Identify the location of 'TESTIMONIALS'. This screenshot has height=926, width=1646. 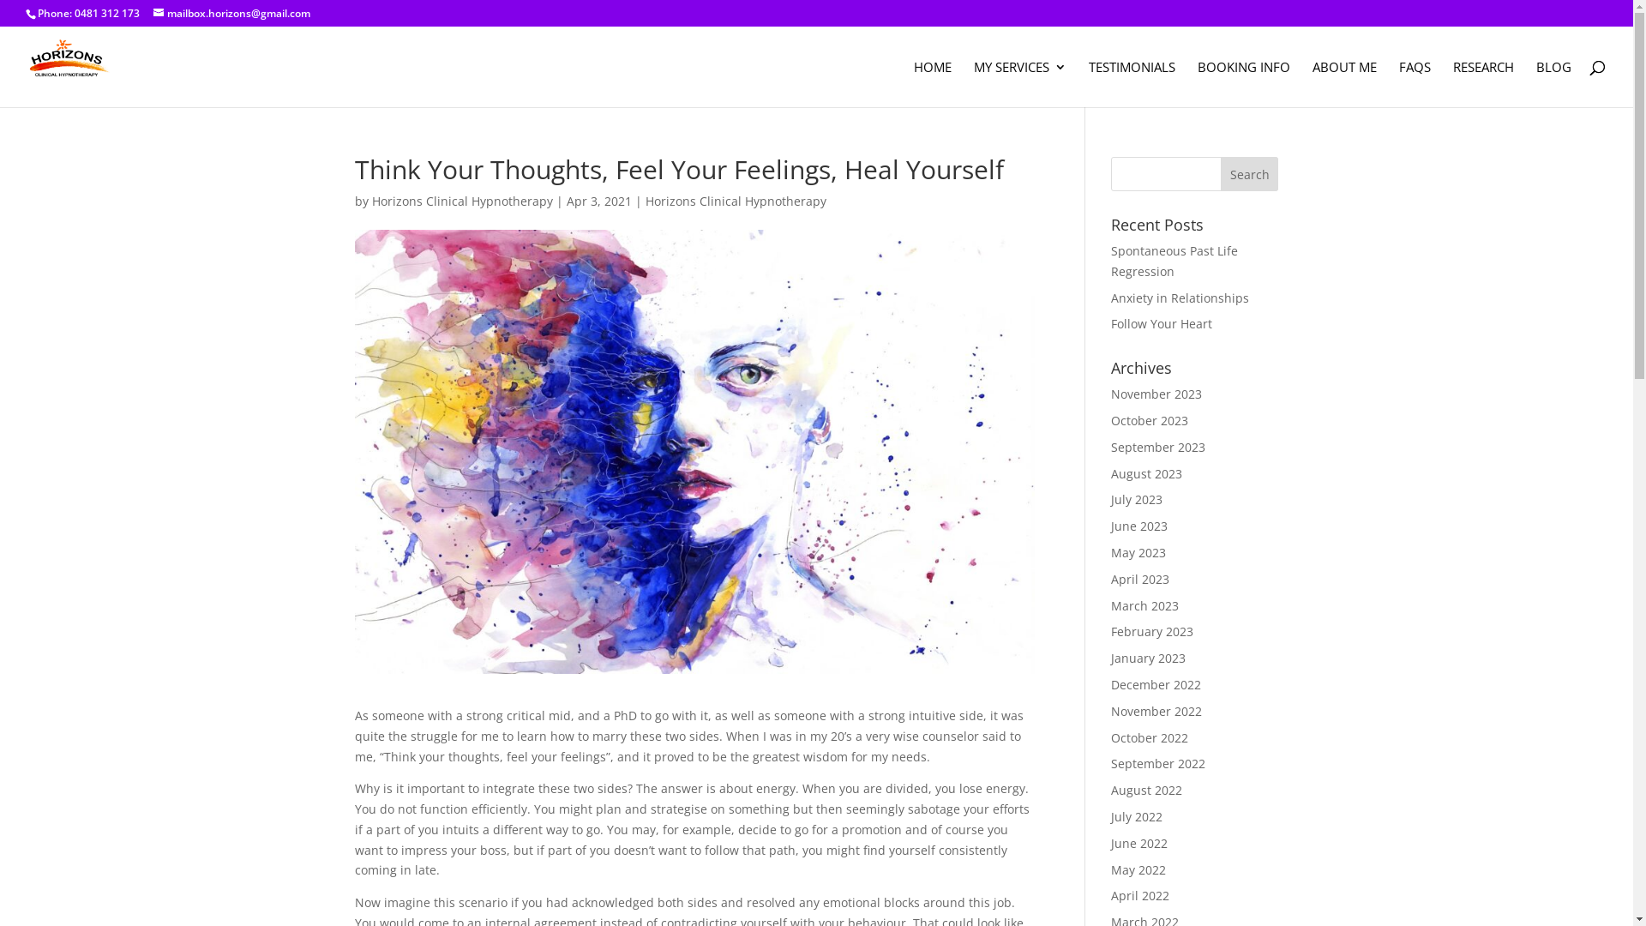
(1132, 83).